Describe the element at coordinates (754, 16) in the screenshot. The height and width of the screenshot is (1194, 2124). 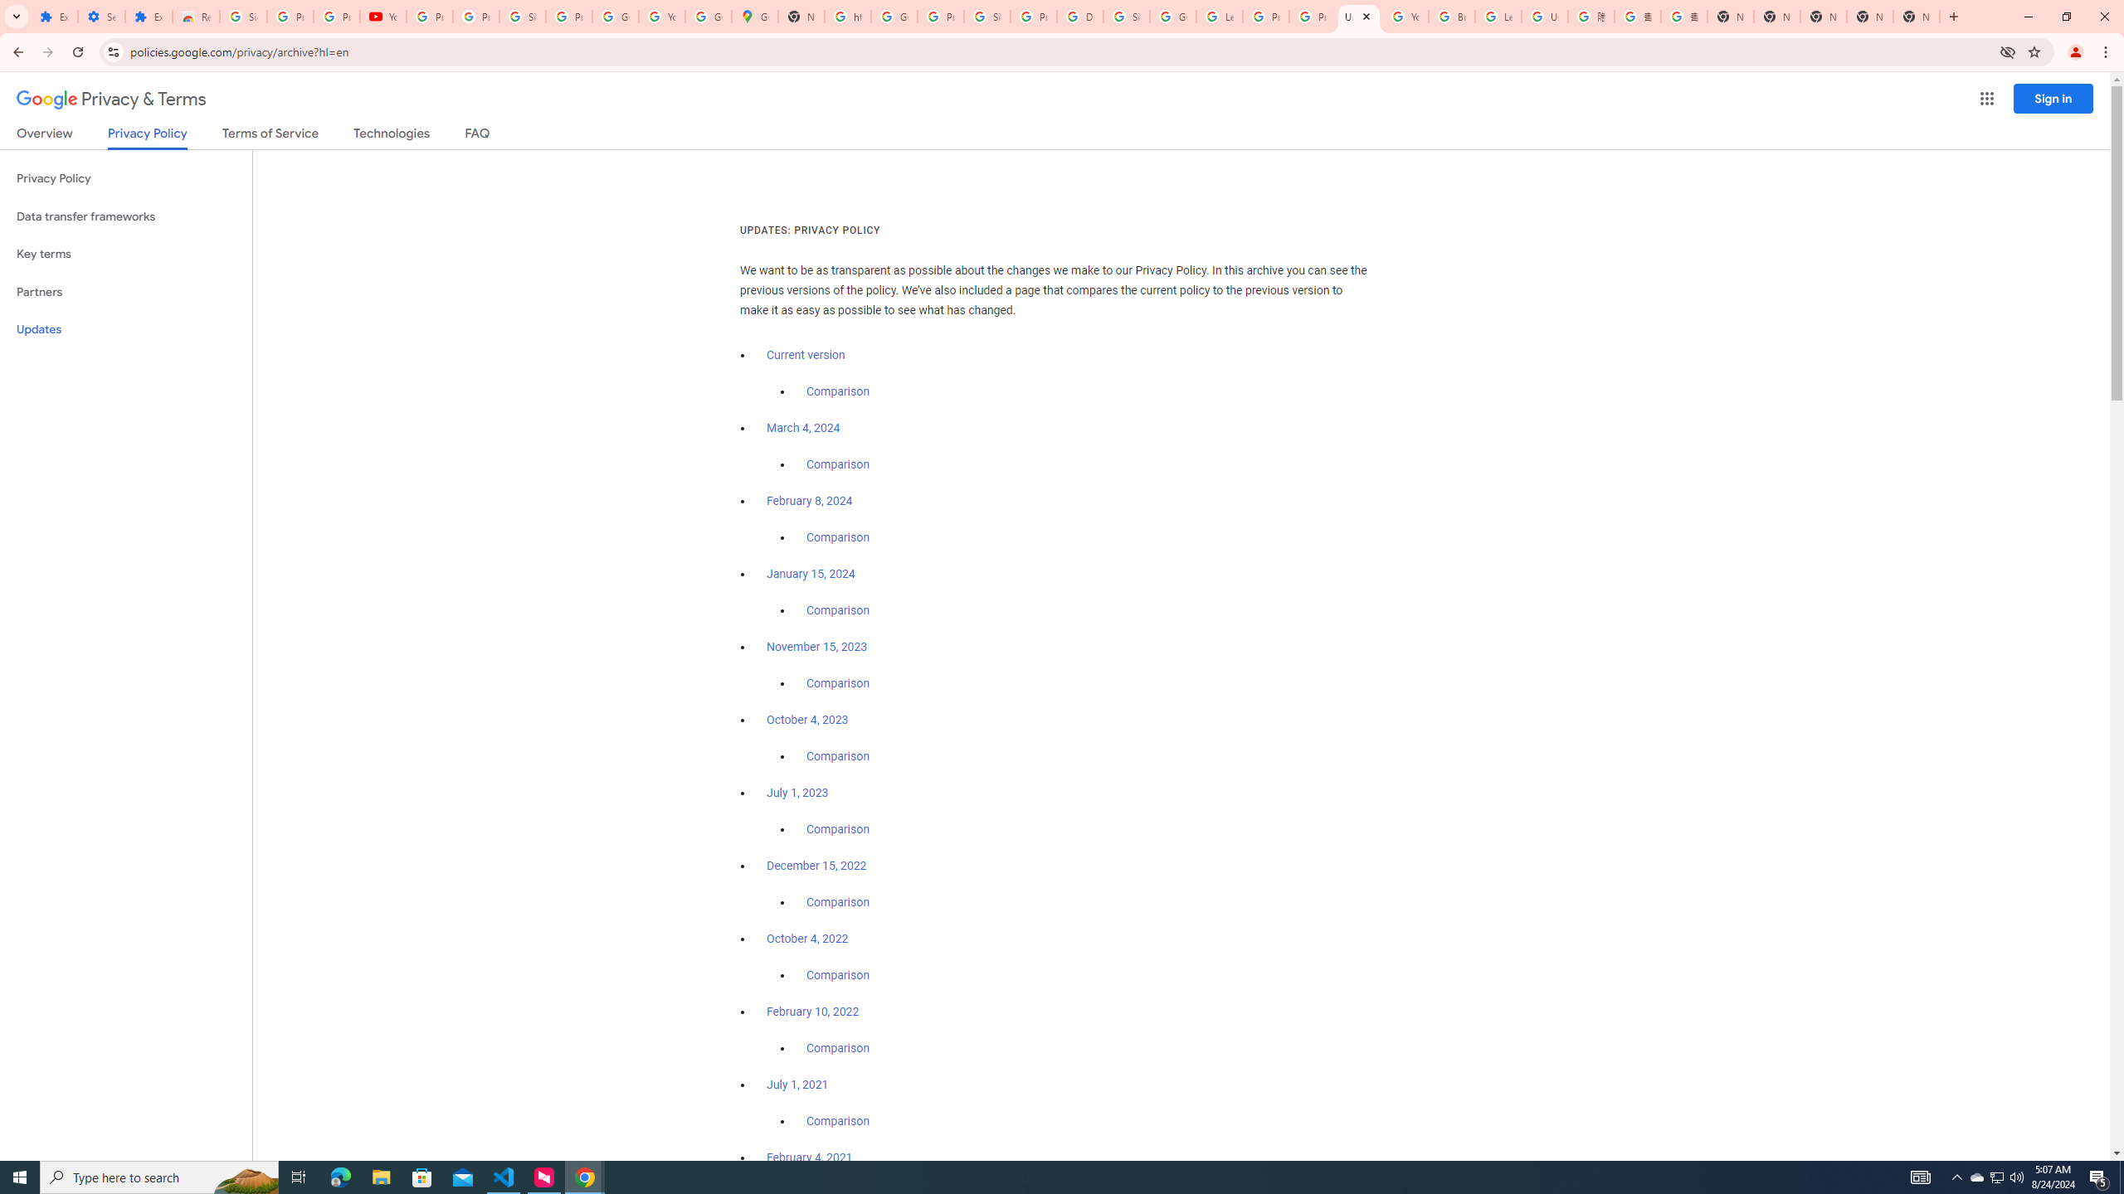
I see `'Google Maps'` at that location.